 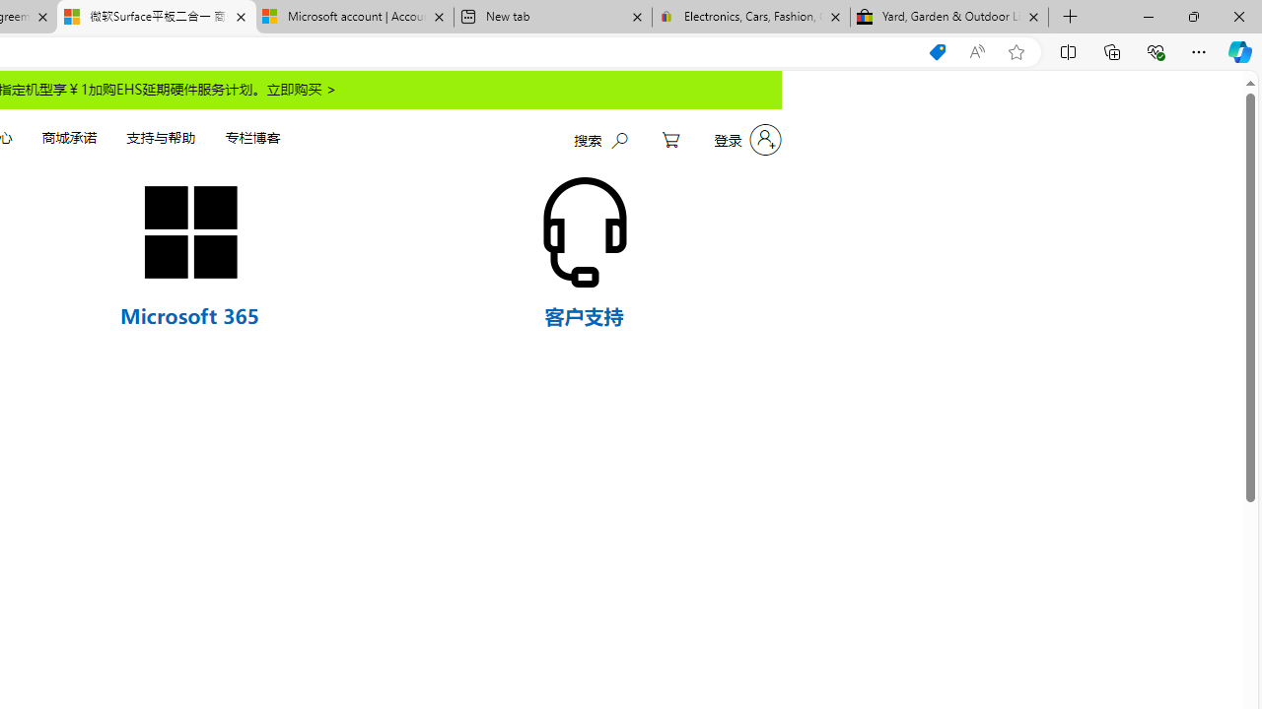 What do you see at coordinates (1112, 50) in the screenshot?
I see `'Collections'` at bounding box center [1112, 50].